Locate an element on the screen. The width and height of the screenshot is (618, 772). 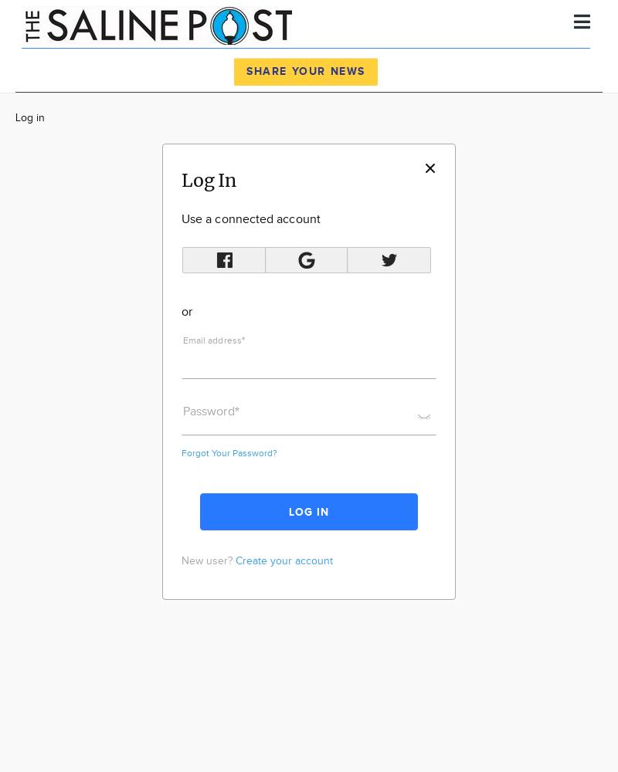
'Email address' is located at coordinates (212, 339).